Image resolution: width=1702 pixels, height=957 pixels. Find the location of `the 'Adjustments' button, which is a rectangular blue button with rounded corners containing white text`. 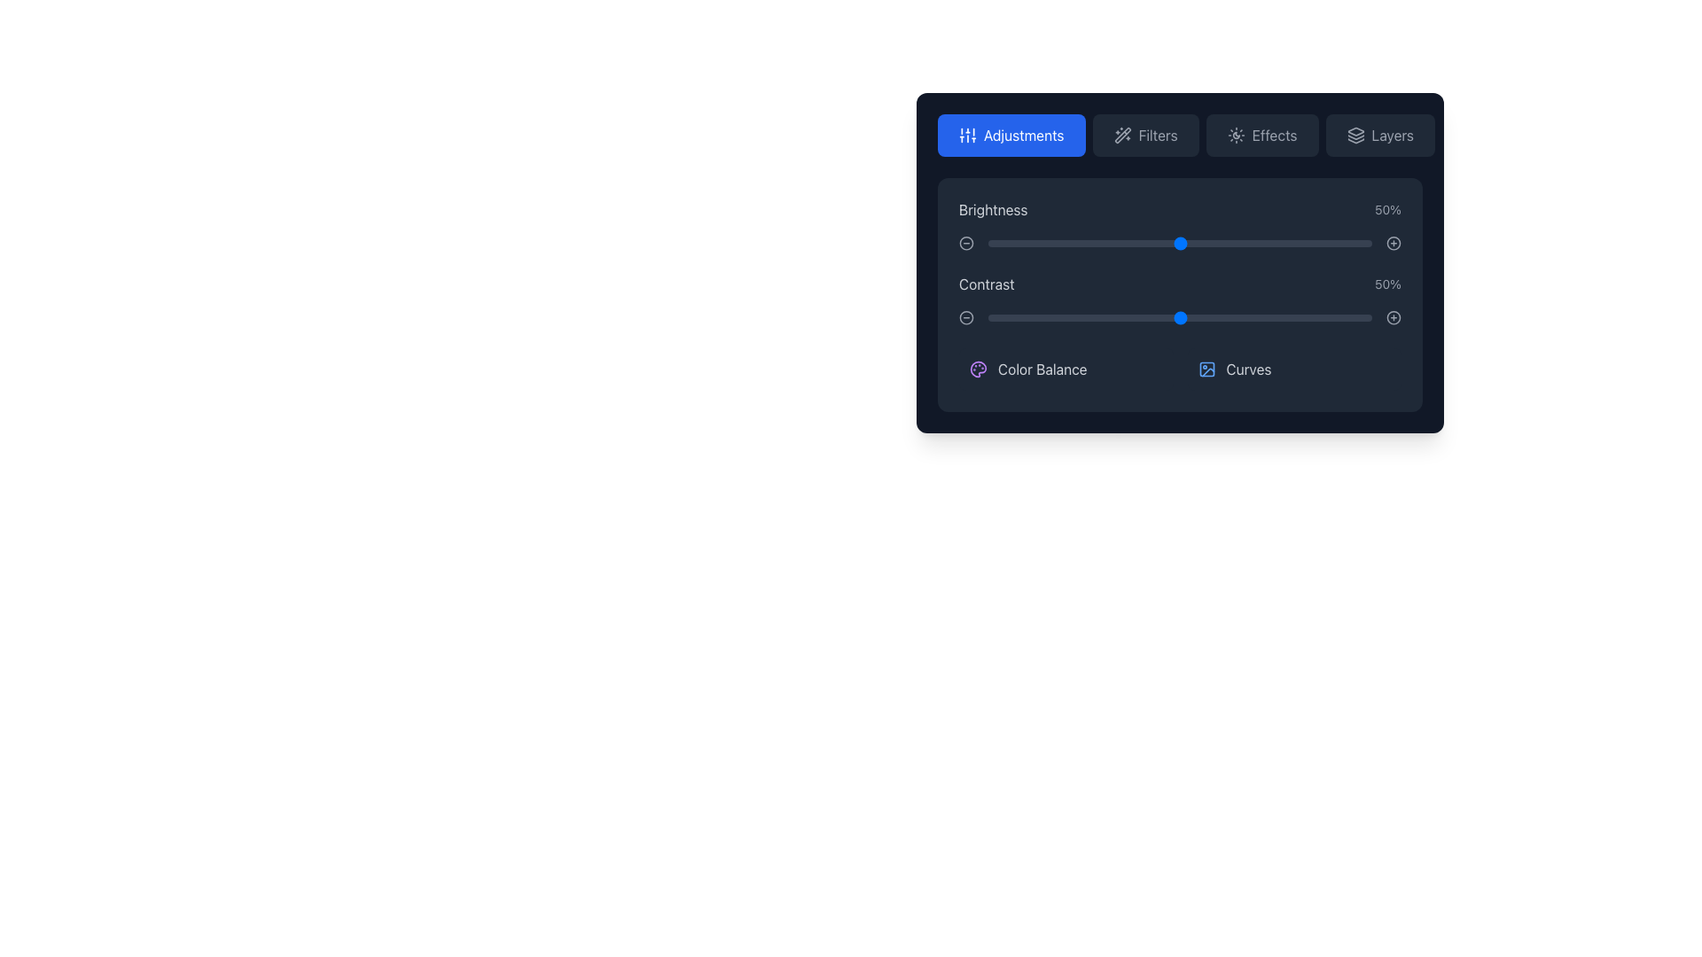

the 'Adjustments' button, which is a rectangular blue button with rounded corners containing white text is located at coordinates (1024, 135).